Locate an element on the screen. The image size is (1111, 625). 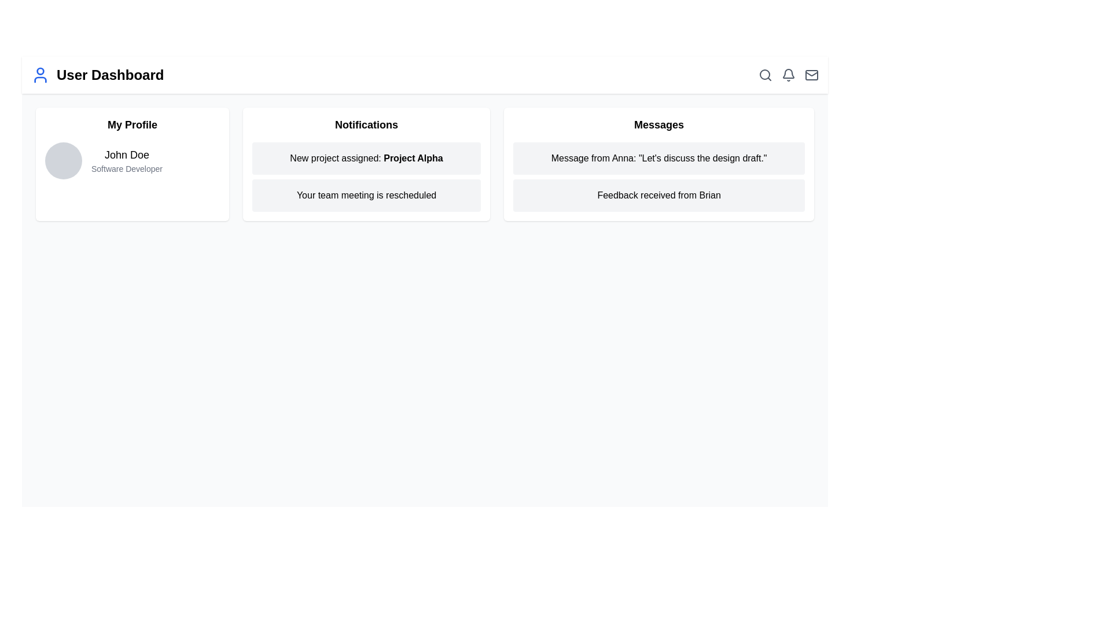
notification card displaying 'New project assigned: Project Alpha' located in the Notifications section of the dashboard is located at coordinates (366, 158).